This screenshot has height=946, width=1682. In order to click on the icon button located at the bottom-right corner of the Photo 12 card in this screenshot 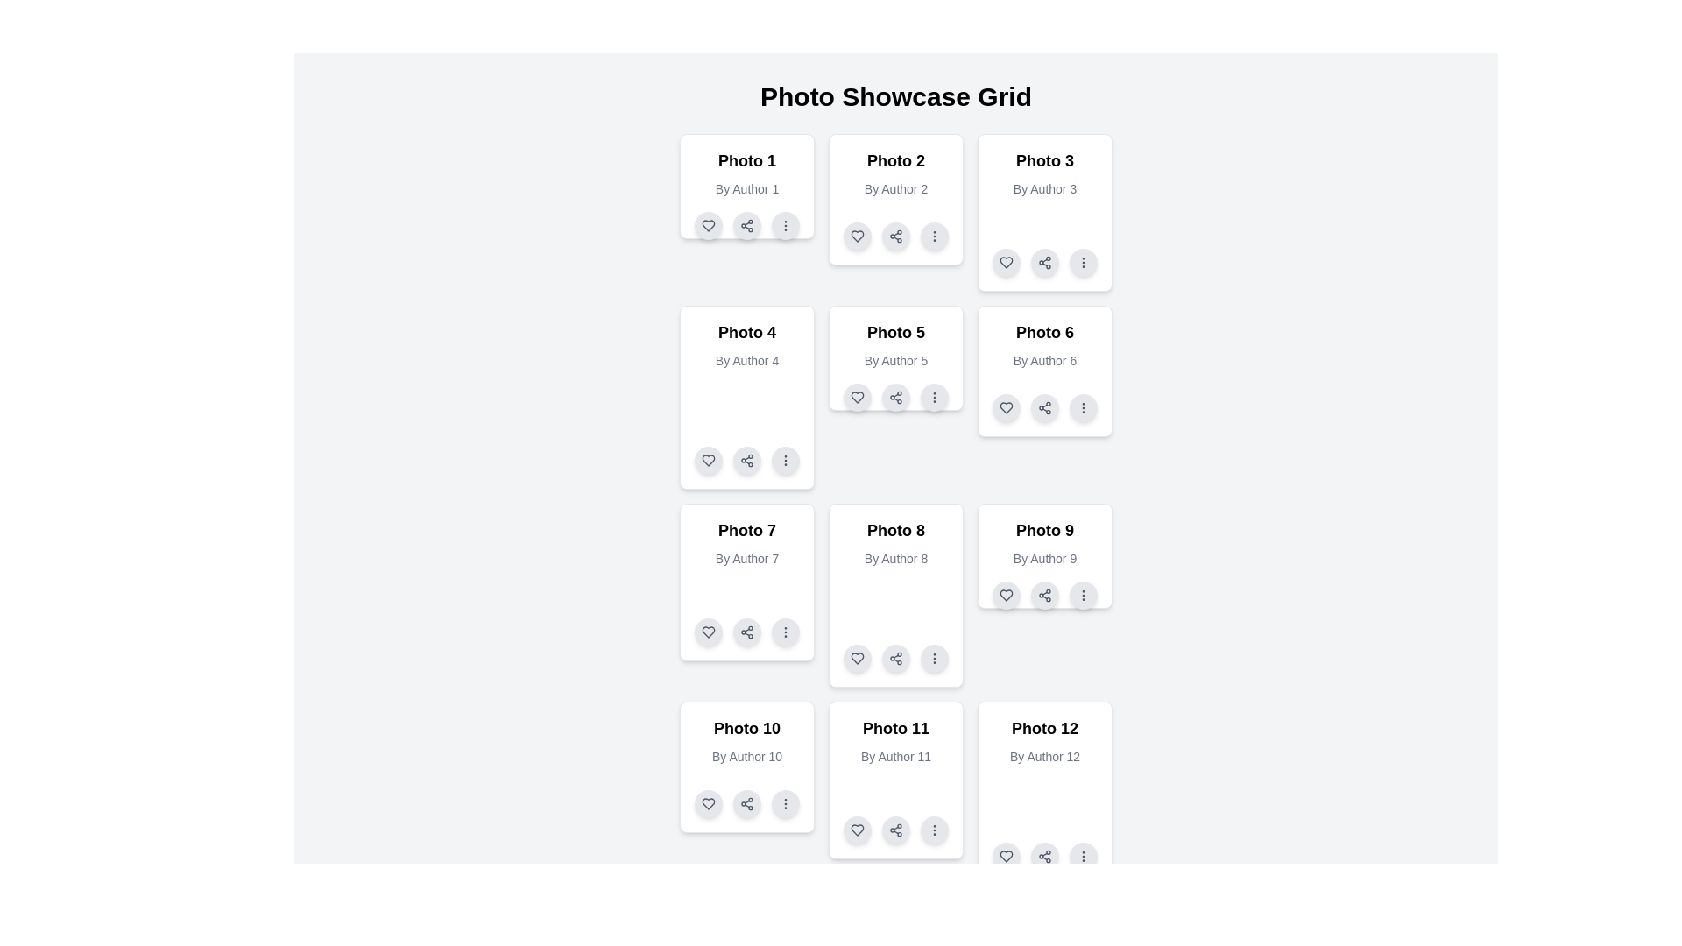, I will do `click(1083, 856)`.